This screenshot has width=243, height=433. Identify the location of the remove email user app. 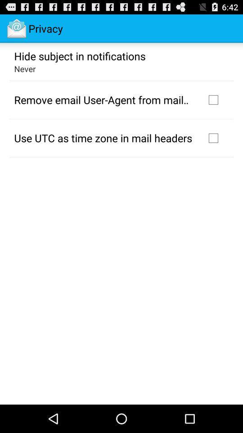
(103, 100).